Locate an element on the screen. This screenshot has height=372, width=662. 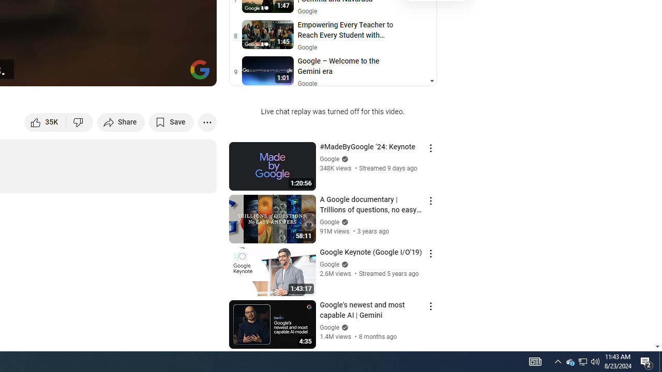
'Verified' is located at coordinates (343, 327).